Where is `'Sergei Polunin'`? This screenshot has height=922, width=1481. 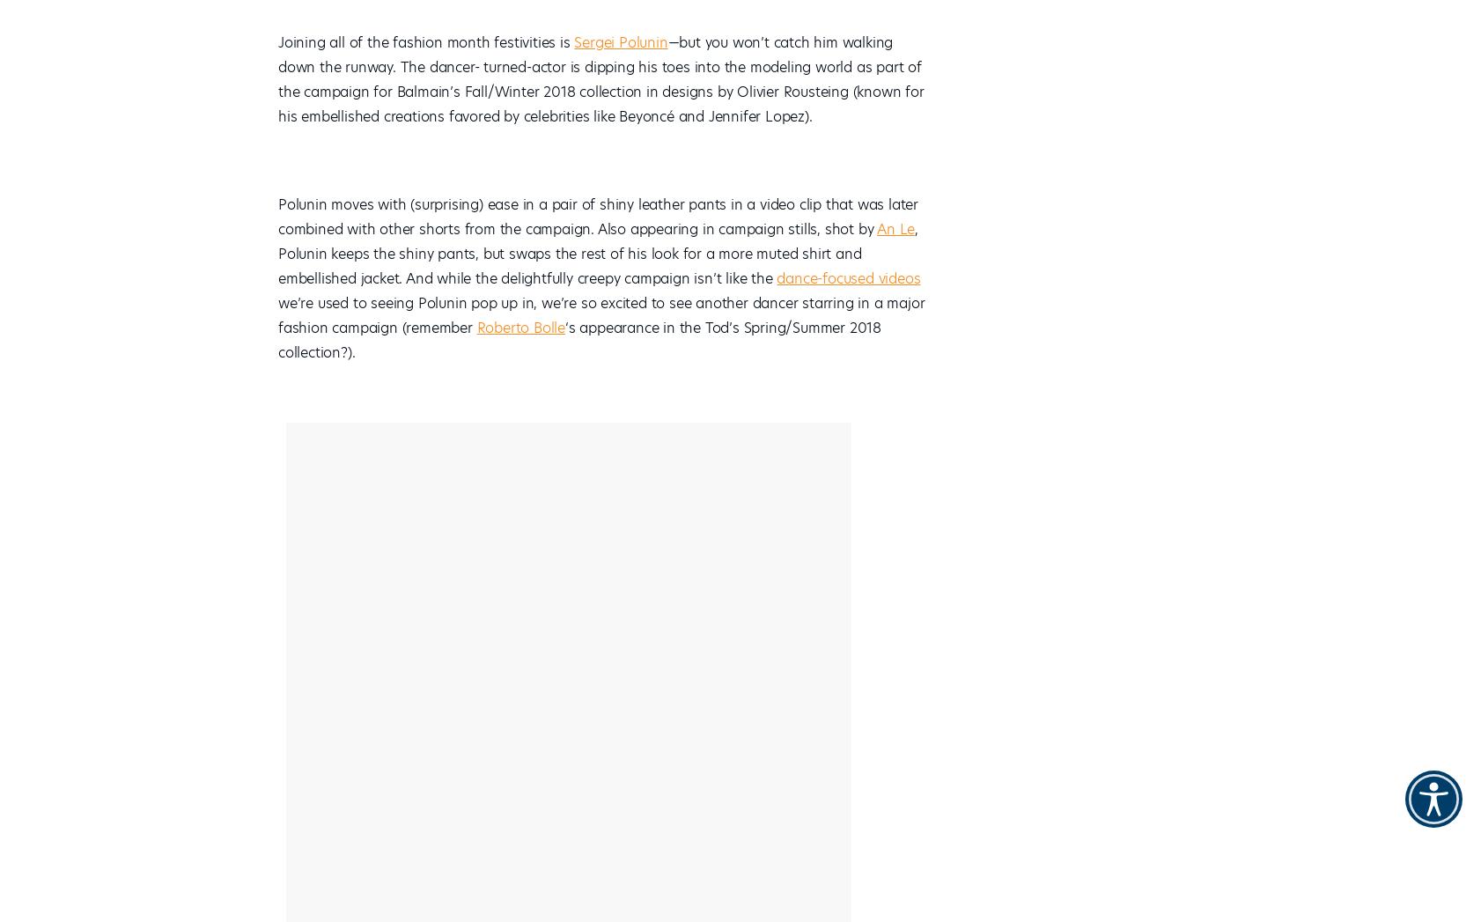 'Sergei Polunin' is located at coordinates (620, 41).